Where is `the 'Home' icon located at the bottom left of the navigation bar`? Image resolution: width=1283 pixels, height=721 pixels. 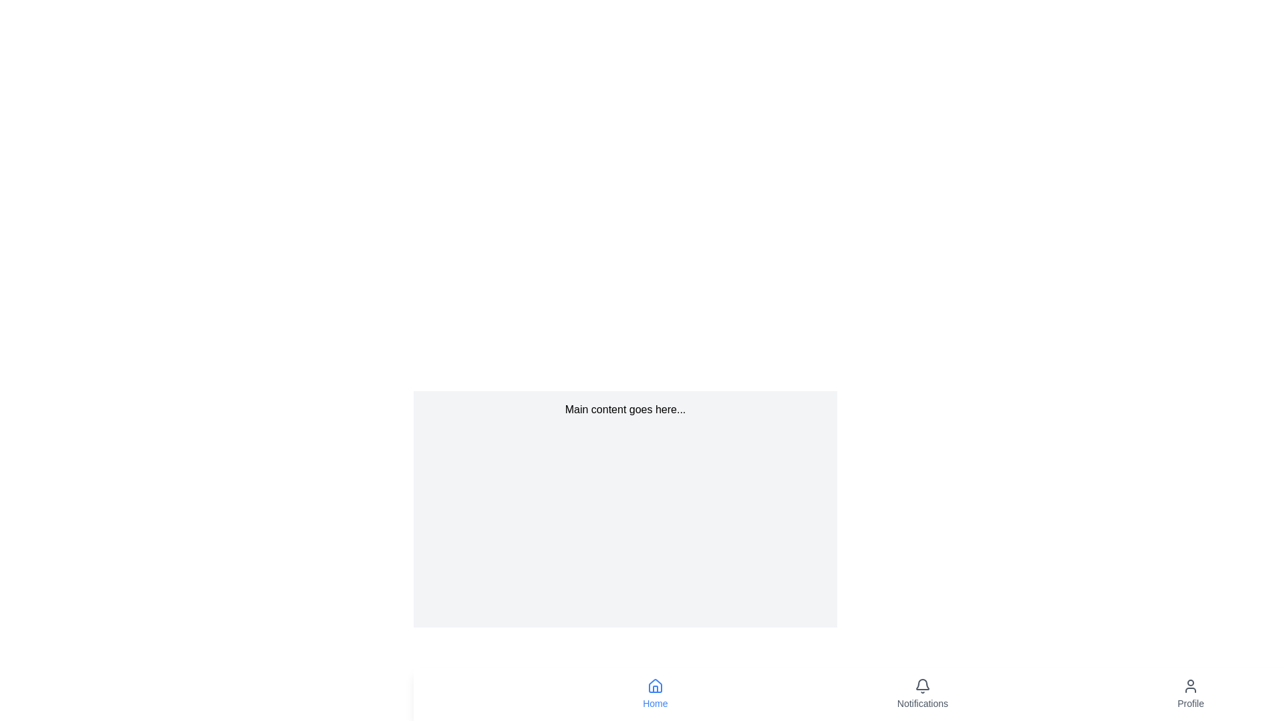 the 'Home' icon located at the bottom left of the navigation bar is located at coordinates (655, 686).